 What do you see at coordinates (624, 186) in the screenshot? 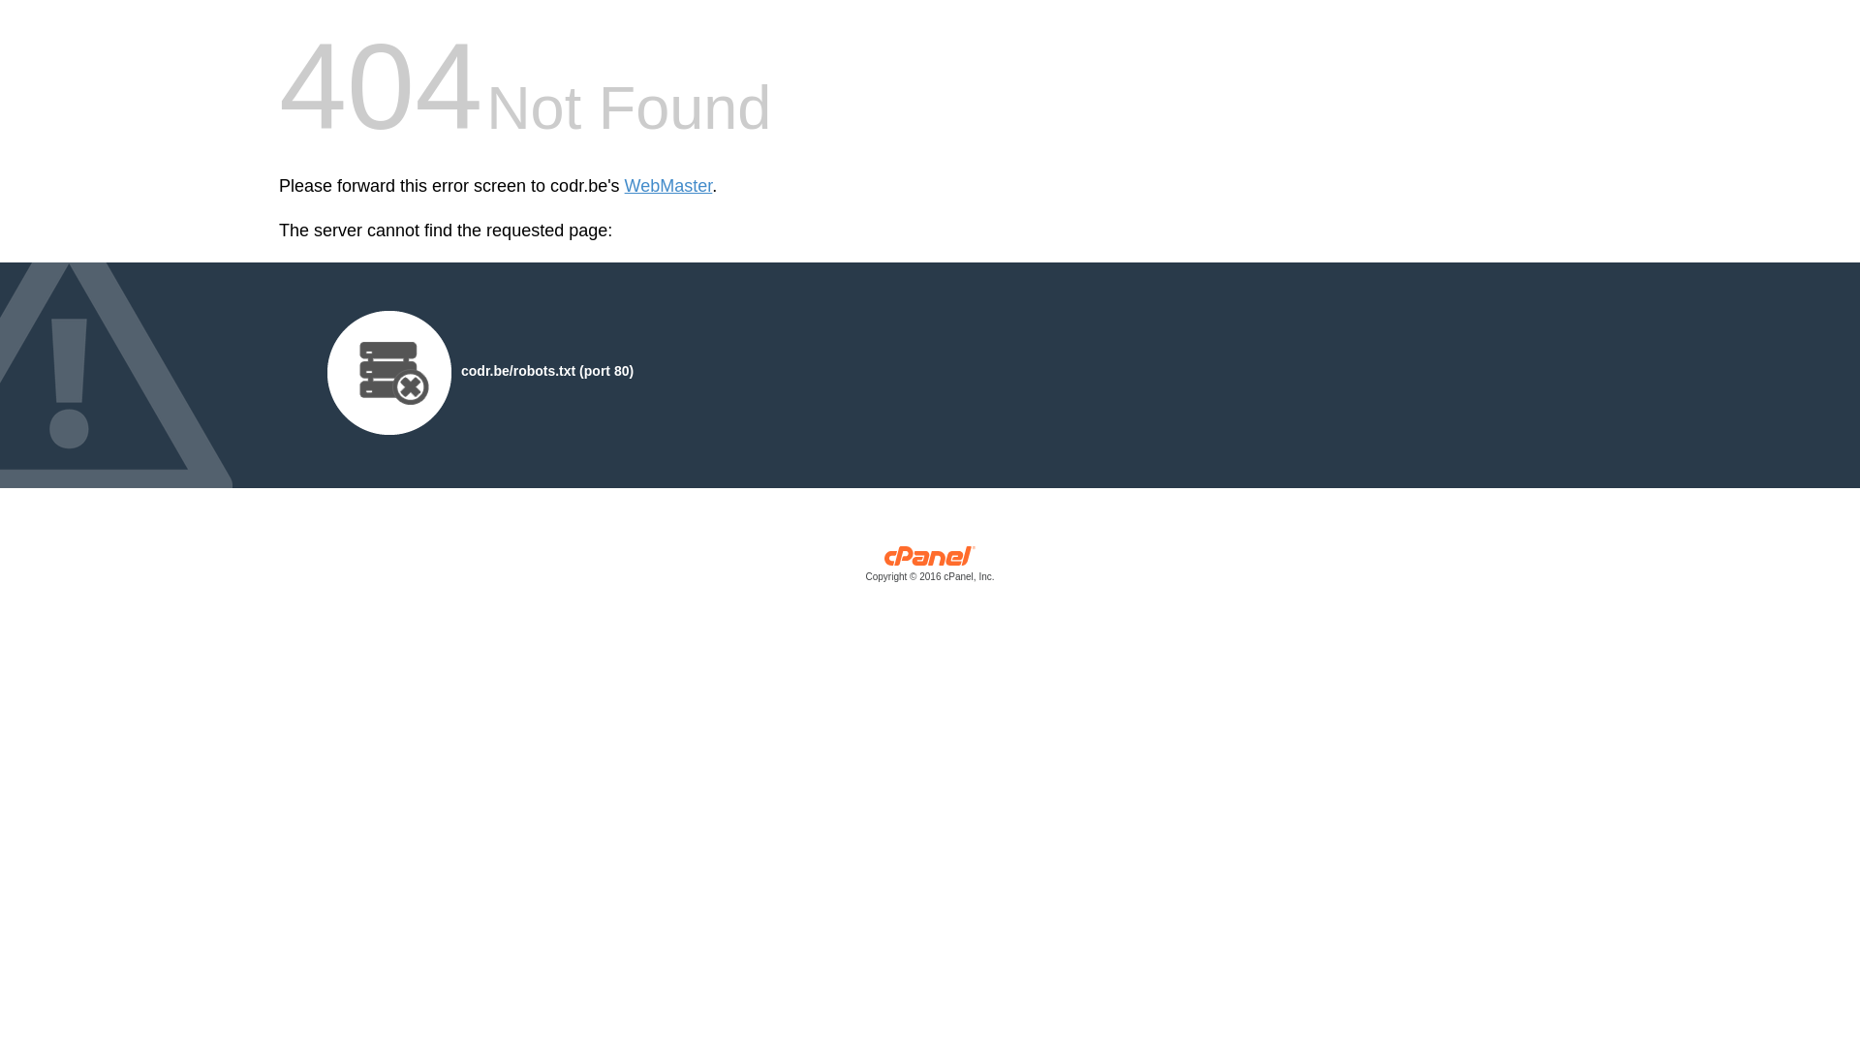
I see `'WebMaster'` at bounding box center [624, 186].